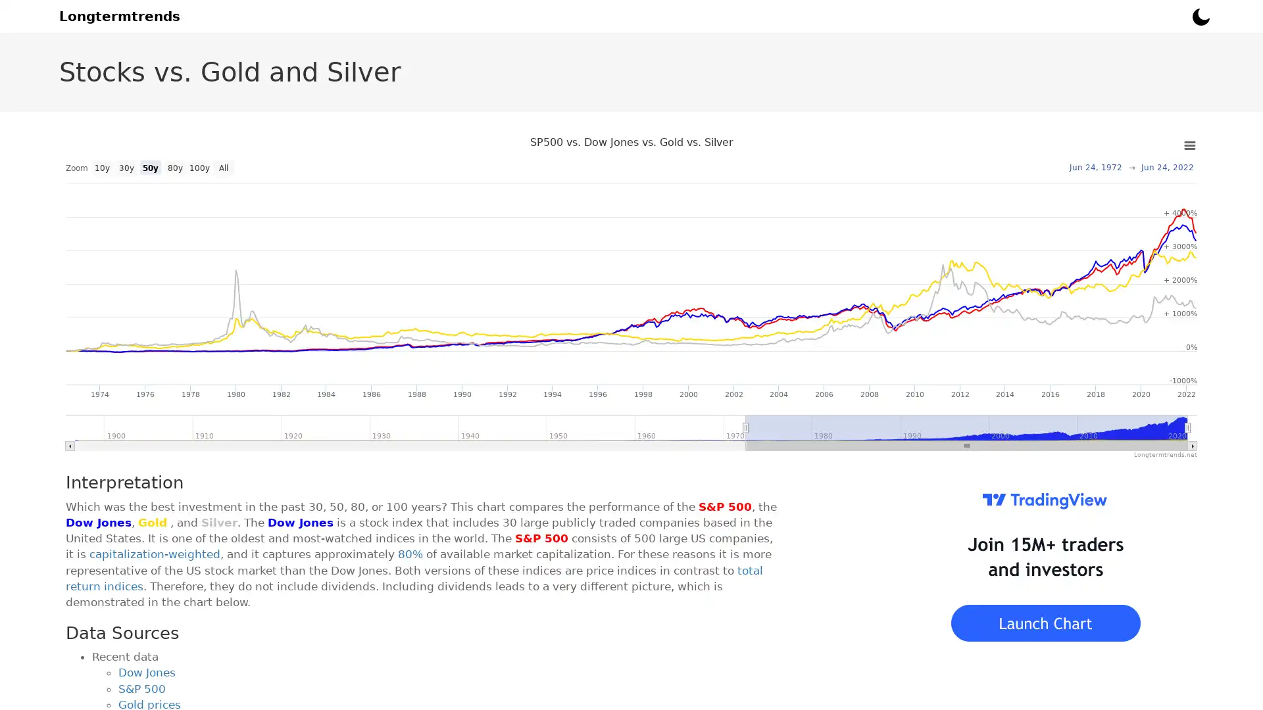 The height and width of the screenshot is (710, 1263). I want to click on All, so click(224, 166).